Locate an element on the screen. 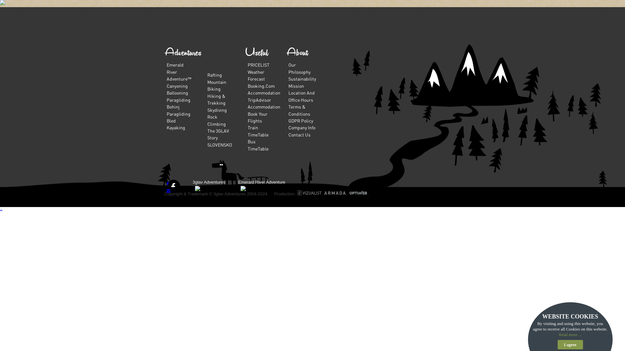 Image resolution: width=625 pixels, height=351 pixels. 'Kayaking' is located at coordinates (176, 127).